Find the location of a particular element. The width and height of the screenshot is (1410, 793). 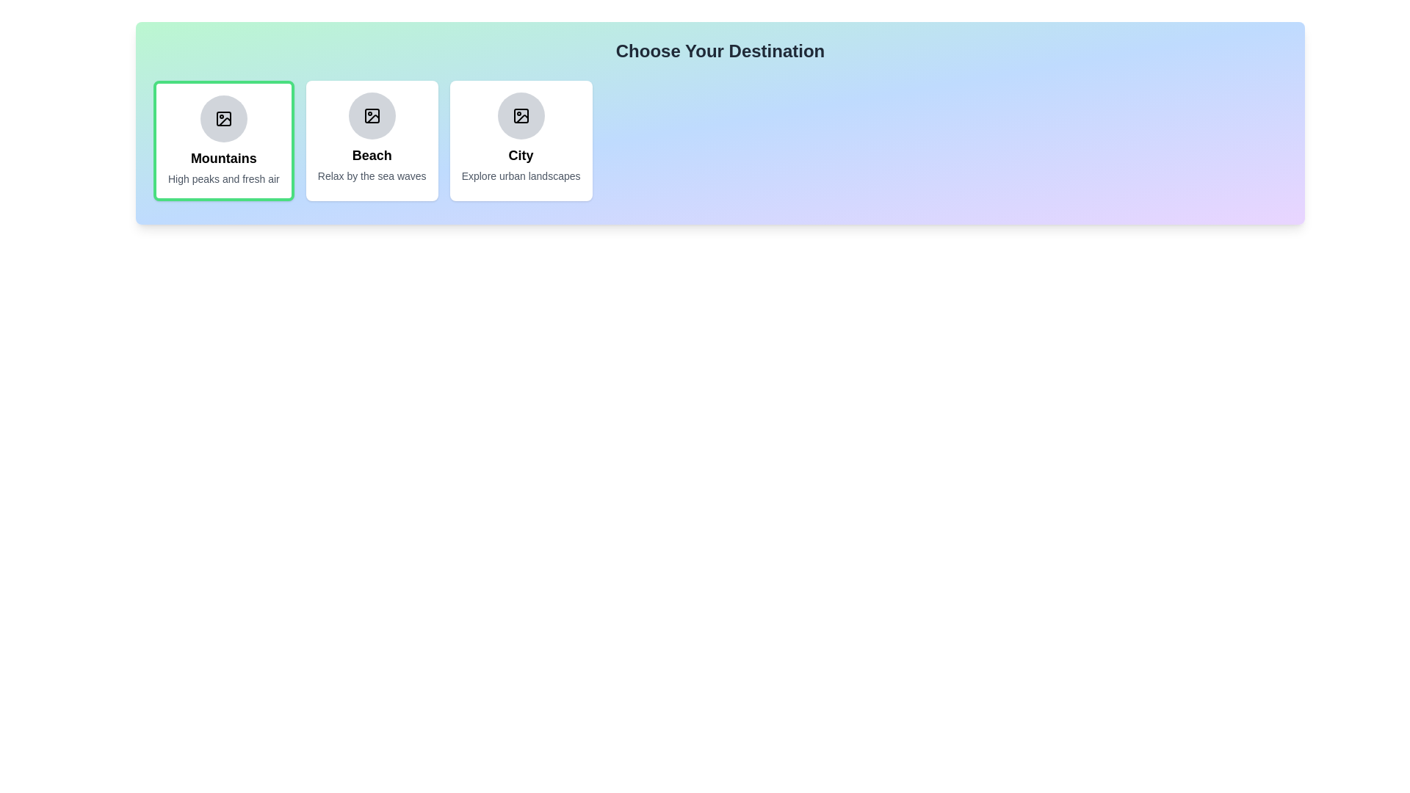

the destination chip labeled 'Beach' is located at coordinates (372, 141).